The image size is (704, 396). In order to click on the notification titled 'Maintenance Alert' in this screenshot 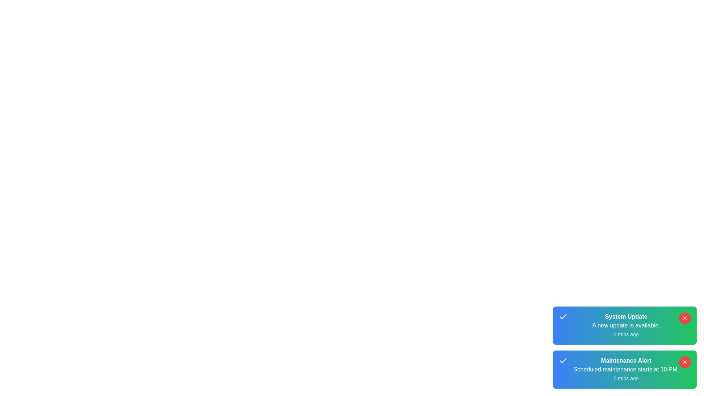, I will do `click(624, 369)`.